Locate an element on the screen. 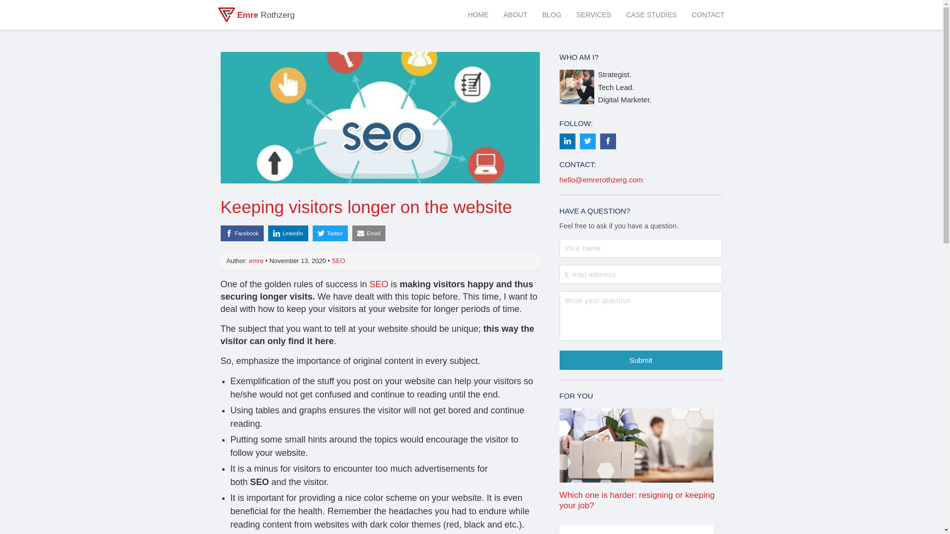 The image size is (950, 534). 'Emre Rothzerg' is located at coordinates (256, 15).